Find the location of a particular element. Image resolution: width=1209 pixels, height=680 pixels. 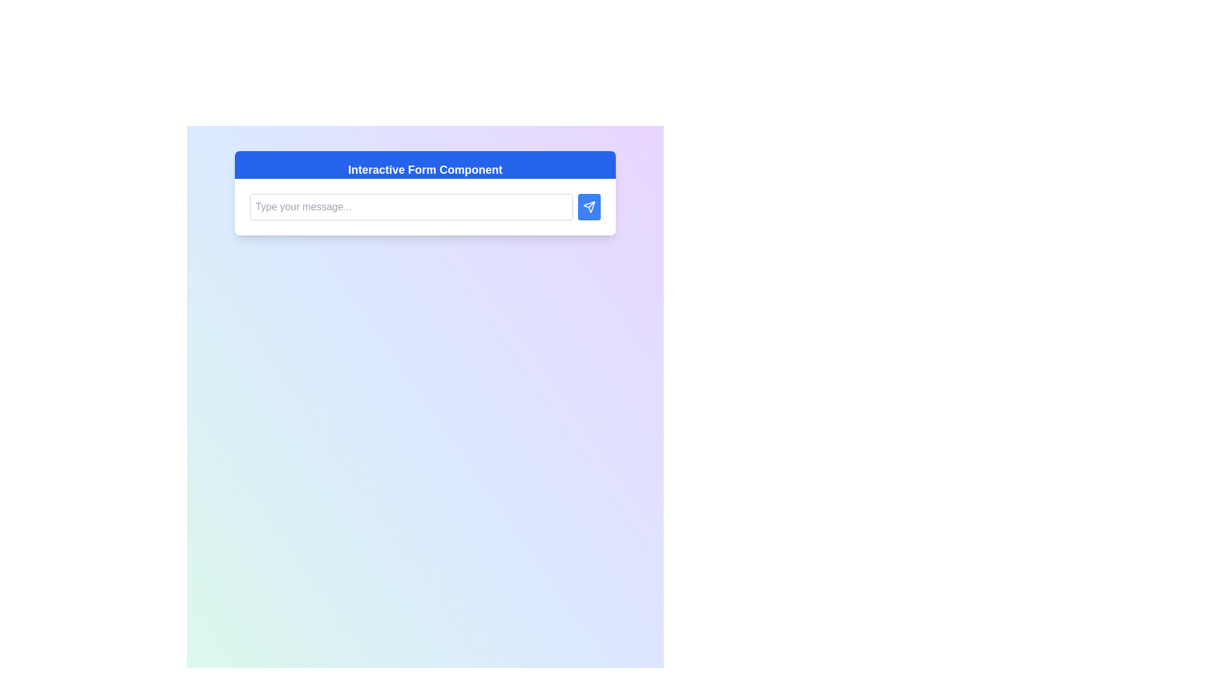

the paper airplane icon located at the far right of the rounded button in the user input area below the 'Interactive Form Component' header is located at coordinates (589, 206).